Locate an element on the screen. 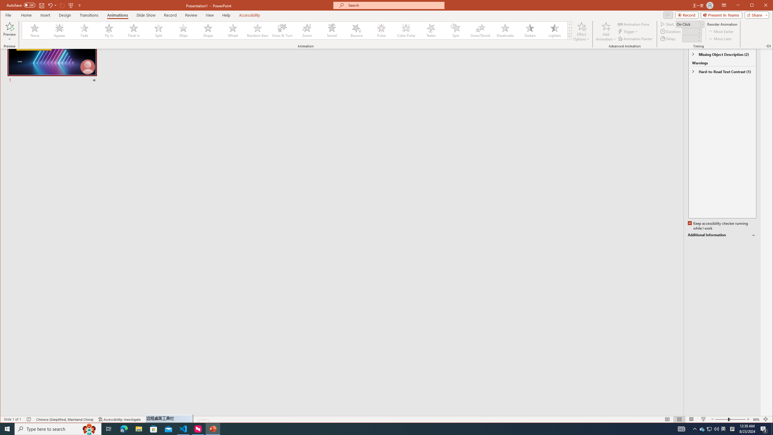 The width and height of the screenshot is (773, 435). 'View' is located at coordinates (210, 15).